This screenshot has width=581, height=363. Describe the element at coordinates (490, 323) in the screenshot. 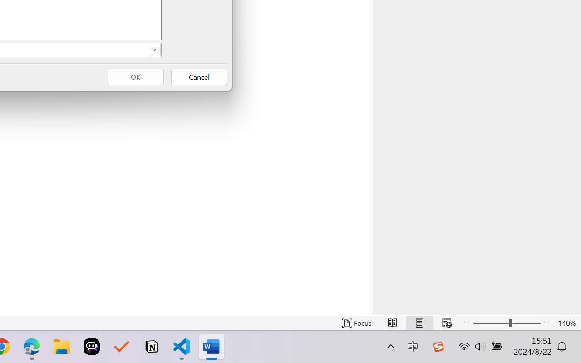

I see `'Zoom Out'` at that location.